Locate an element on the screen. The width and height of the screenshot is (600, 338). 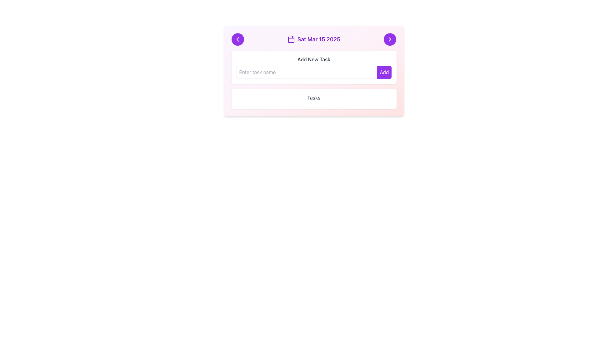
the 'Add Task' button located in the 'Add New Task' section to change its color is located at coordinates (384, 72).